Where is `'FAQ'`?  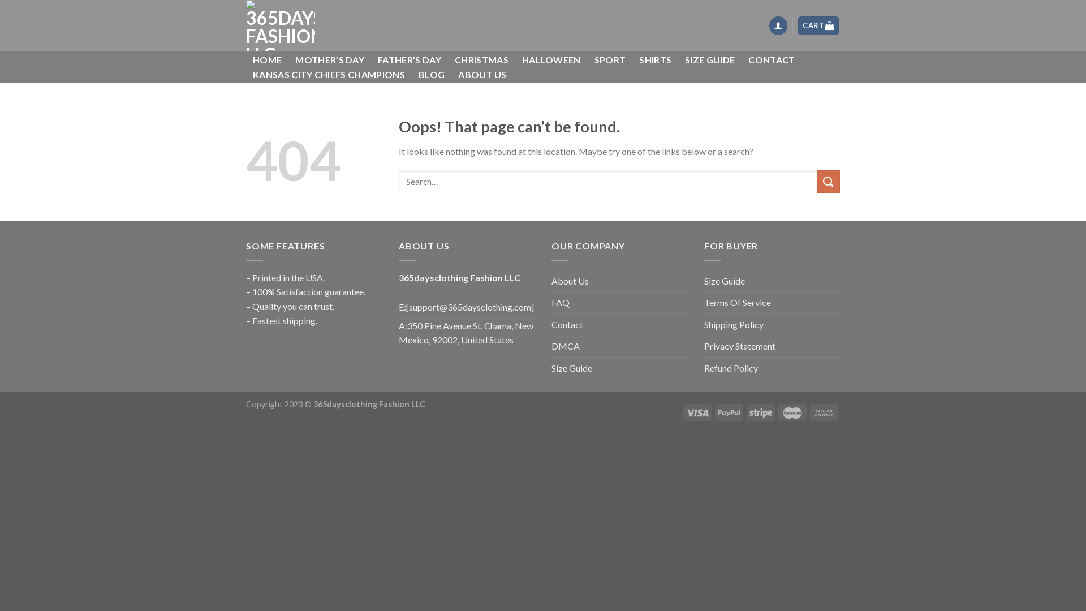 'FAQ' is located at coordinates (560, 302).